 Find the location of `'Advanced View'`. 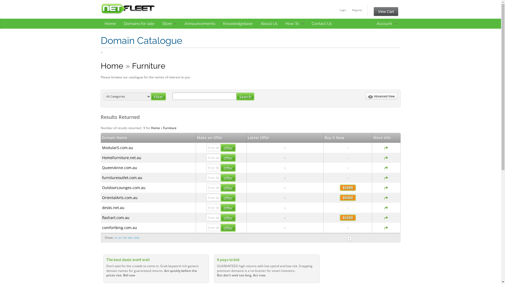

'Advanced View' is located at coordinates (381, 96).